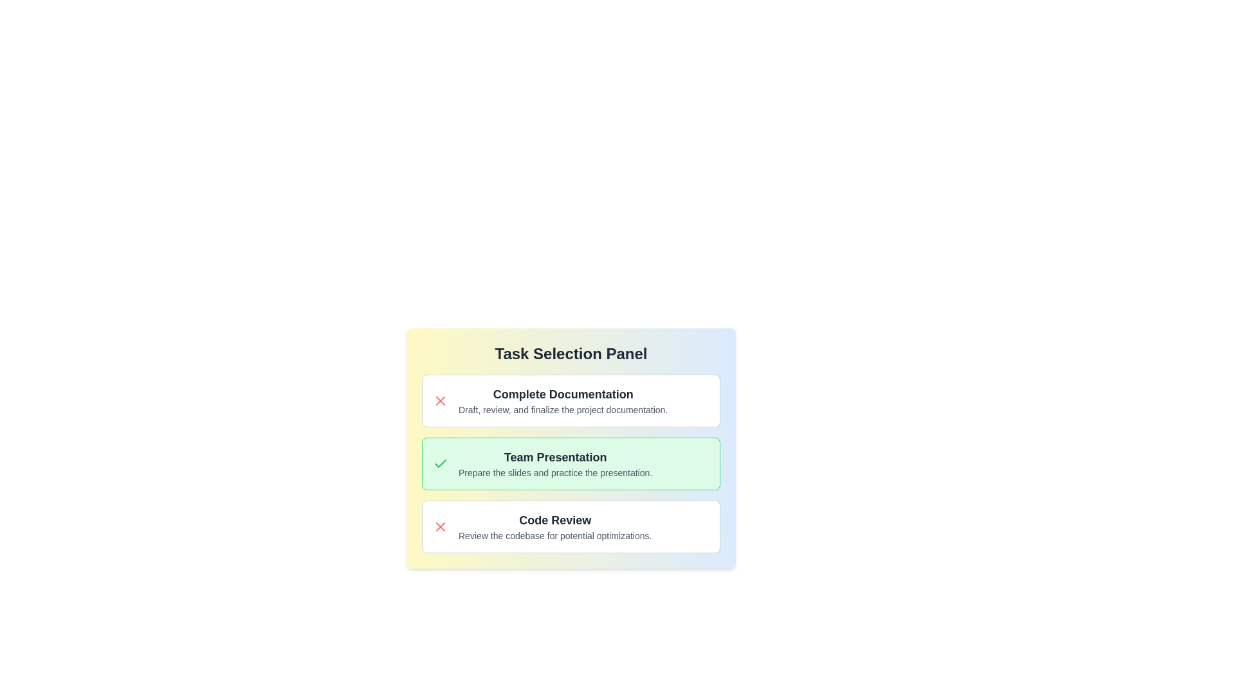  Describe the element at coordinates (563, 409) in the screenshot. I see `the descriptive text label located within the 'Complete Documentation' section, which provides context for the task` at that location.